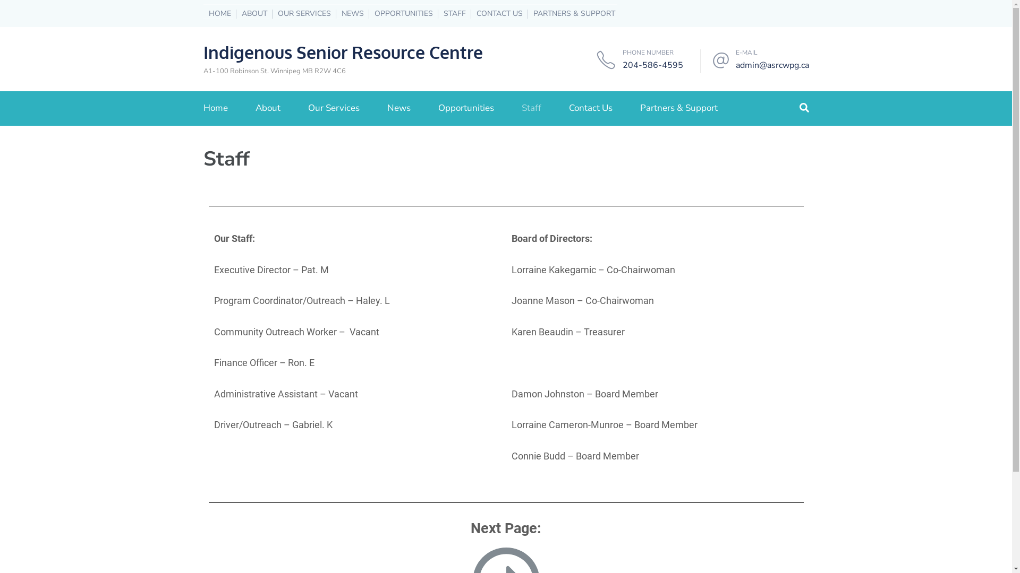 The image size is (1020, 573). What do you see at coordinates (652, 65) in the screenshot?
I see `'204-586-4595'` at bounding box center [652, 65].